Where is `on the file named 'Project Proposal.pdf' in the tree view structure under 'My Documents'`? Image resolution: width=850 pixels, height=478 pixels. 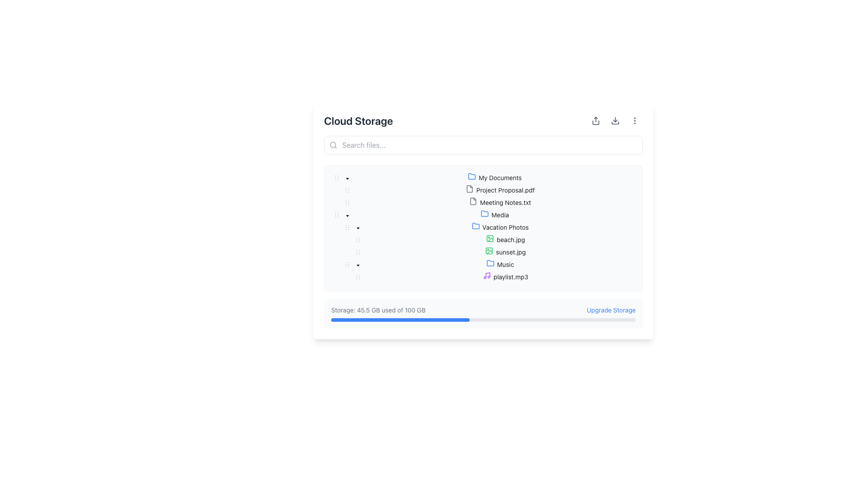 on the file named 'Project Proposal.pdf' in the tree view structure under 'My Documents' is located at coordinates (506, 189).